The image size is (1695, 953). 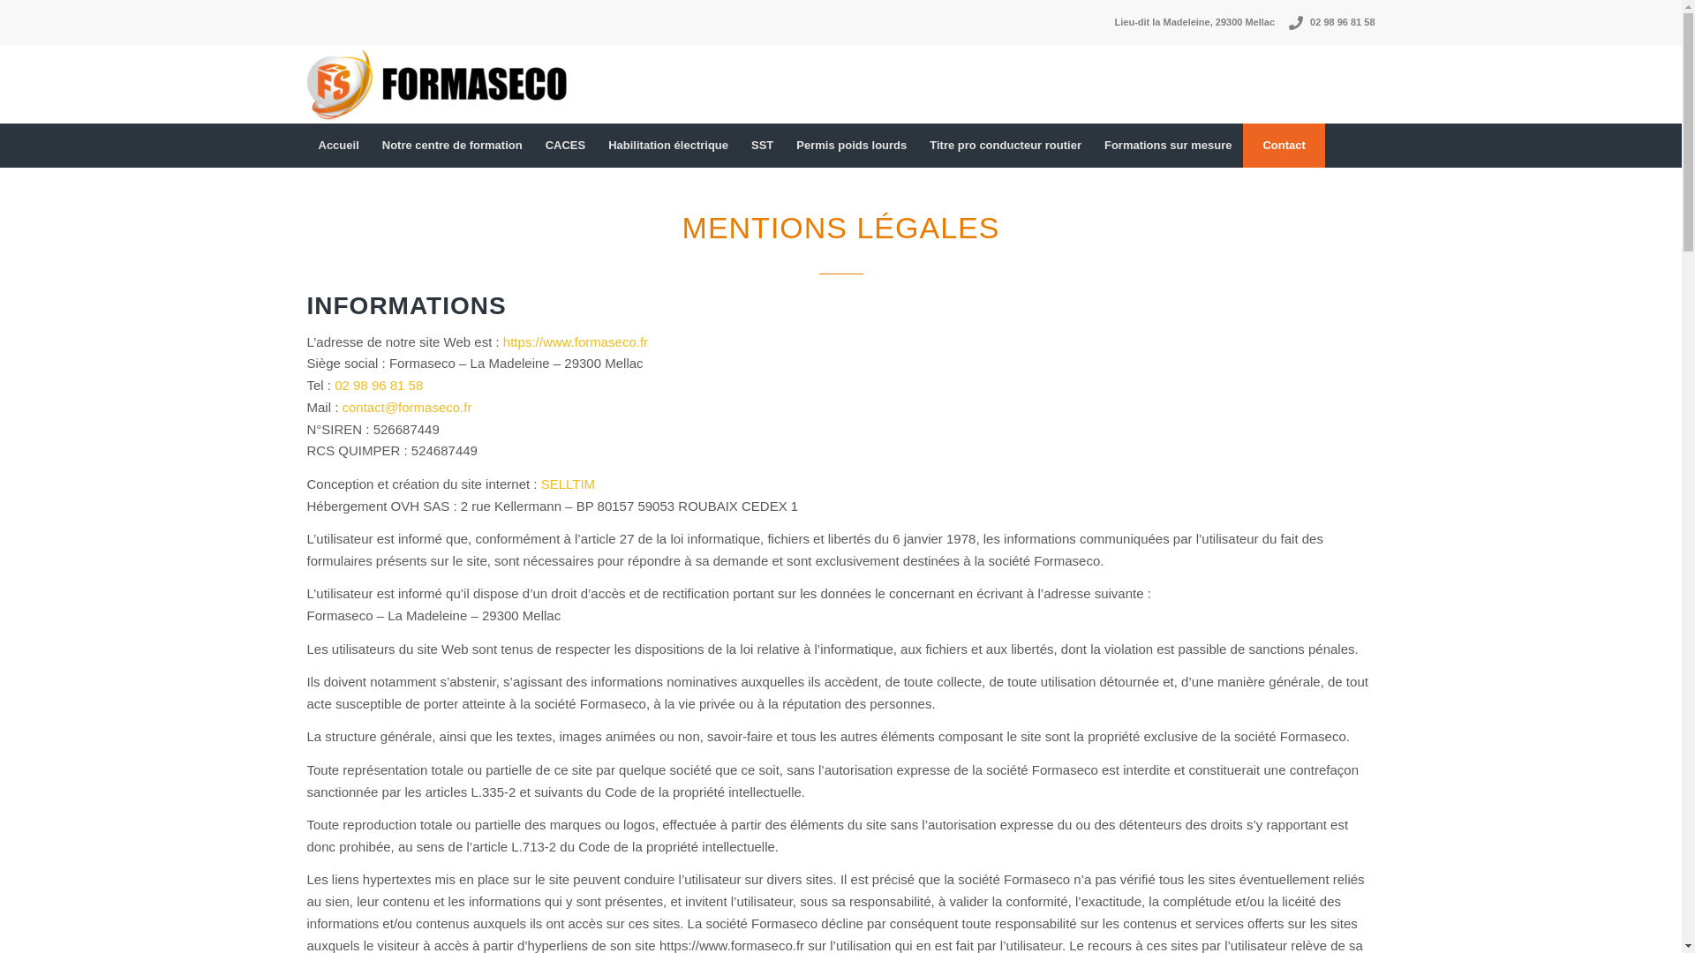 I want to click on 'Accueil', so click(x=339, y=145).